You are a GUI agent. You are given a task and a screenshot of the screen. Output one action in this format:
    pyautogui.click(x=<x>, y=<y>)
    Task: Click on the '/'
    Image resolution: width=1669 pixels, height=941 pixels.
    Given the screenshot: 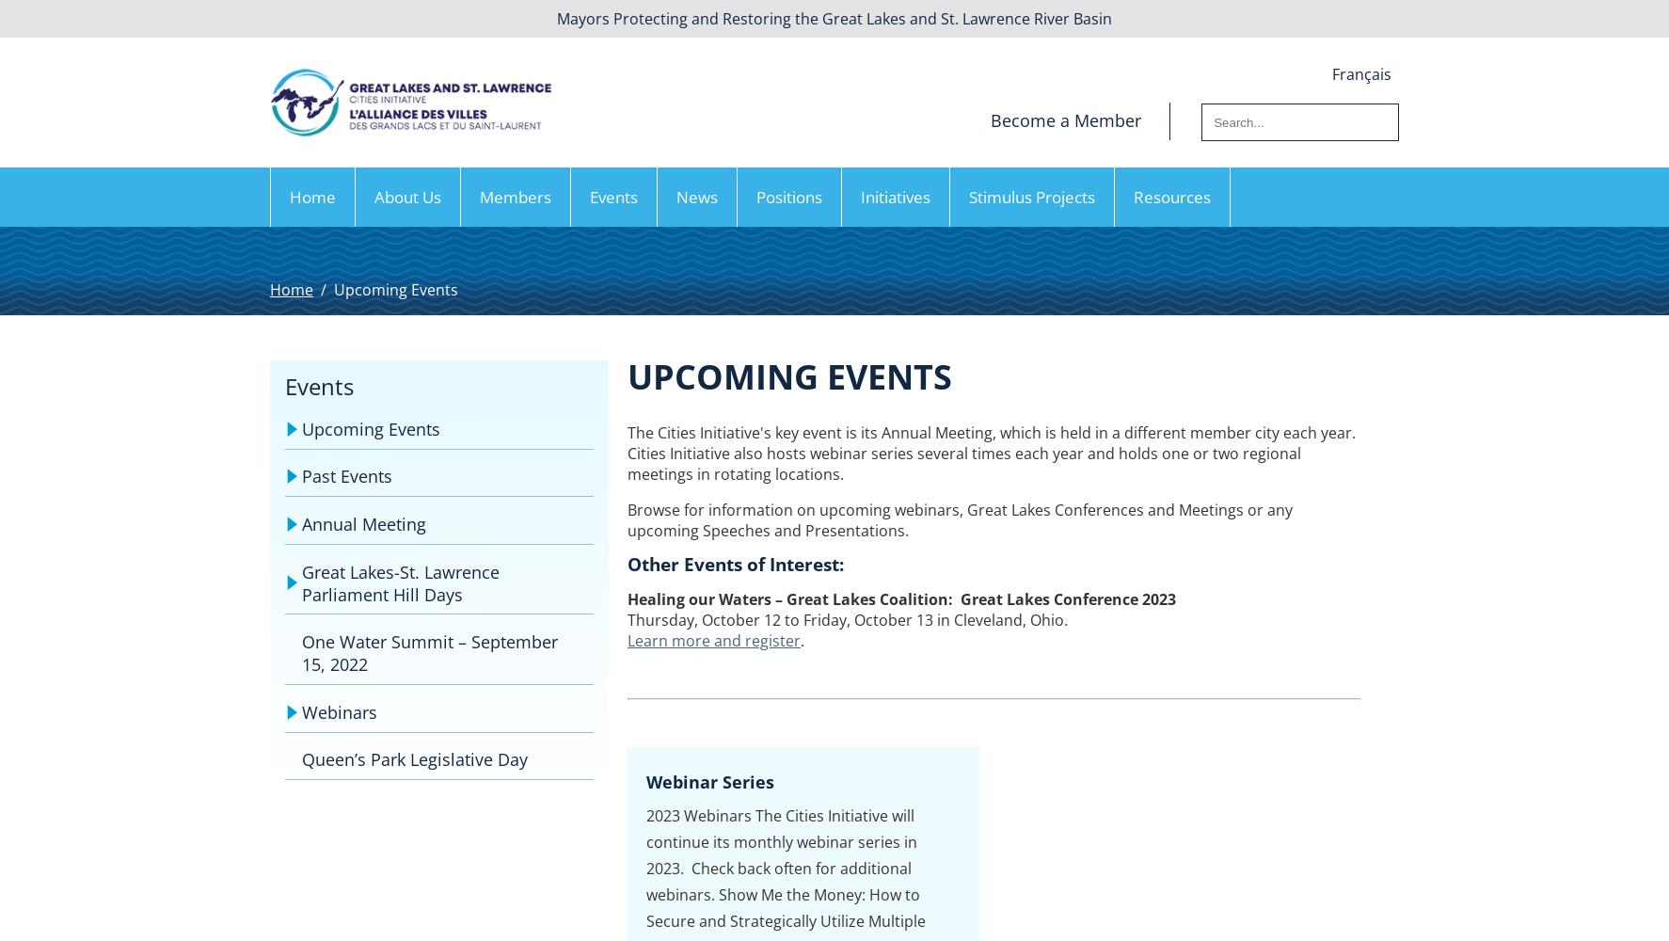 What is the action you would take?
    pyautogui.click(x=323, y=290)
    